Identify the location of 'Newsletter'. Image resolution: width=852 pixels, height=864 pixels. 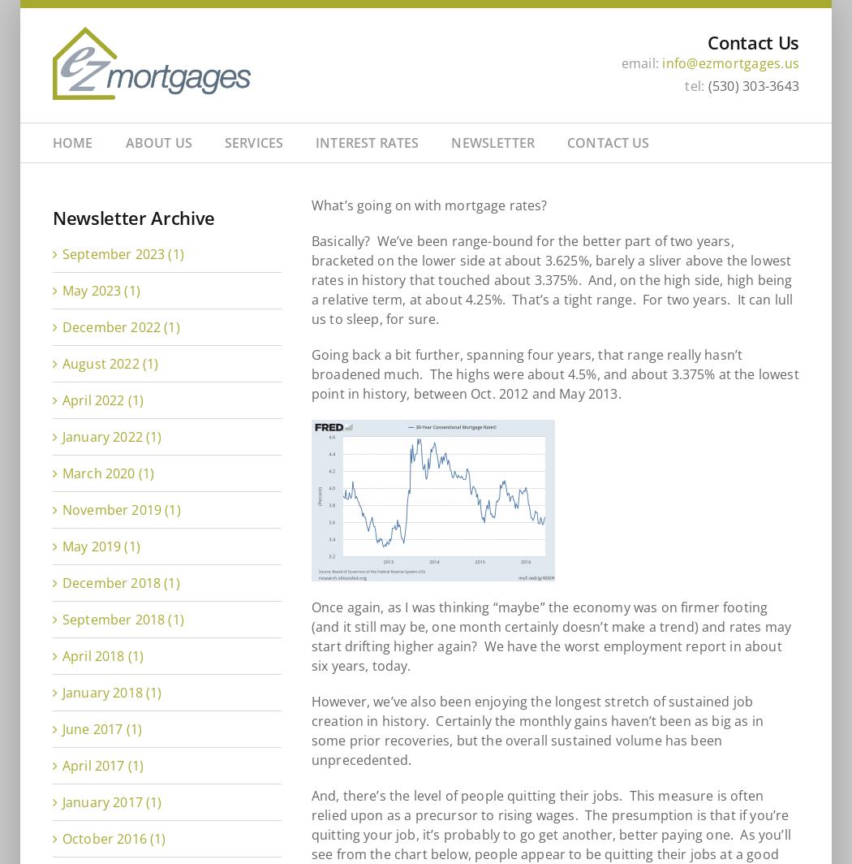
(450, 142).